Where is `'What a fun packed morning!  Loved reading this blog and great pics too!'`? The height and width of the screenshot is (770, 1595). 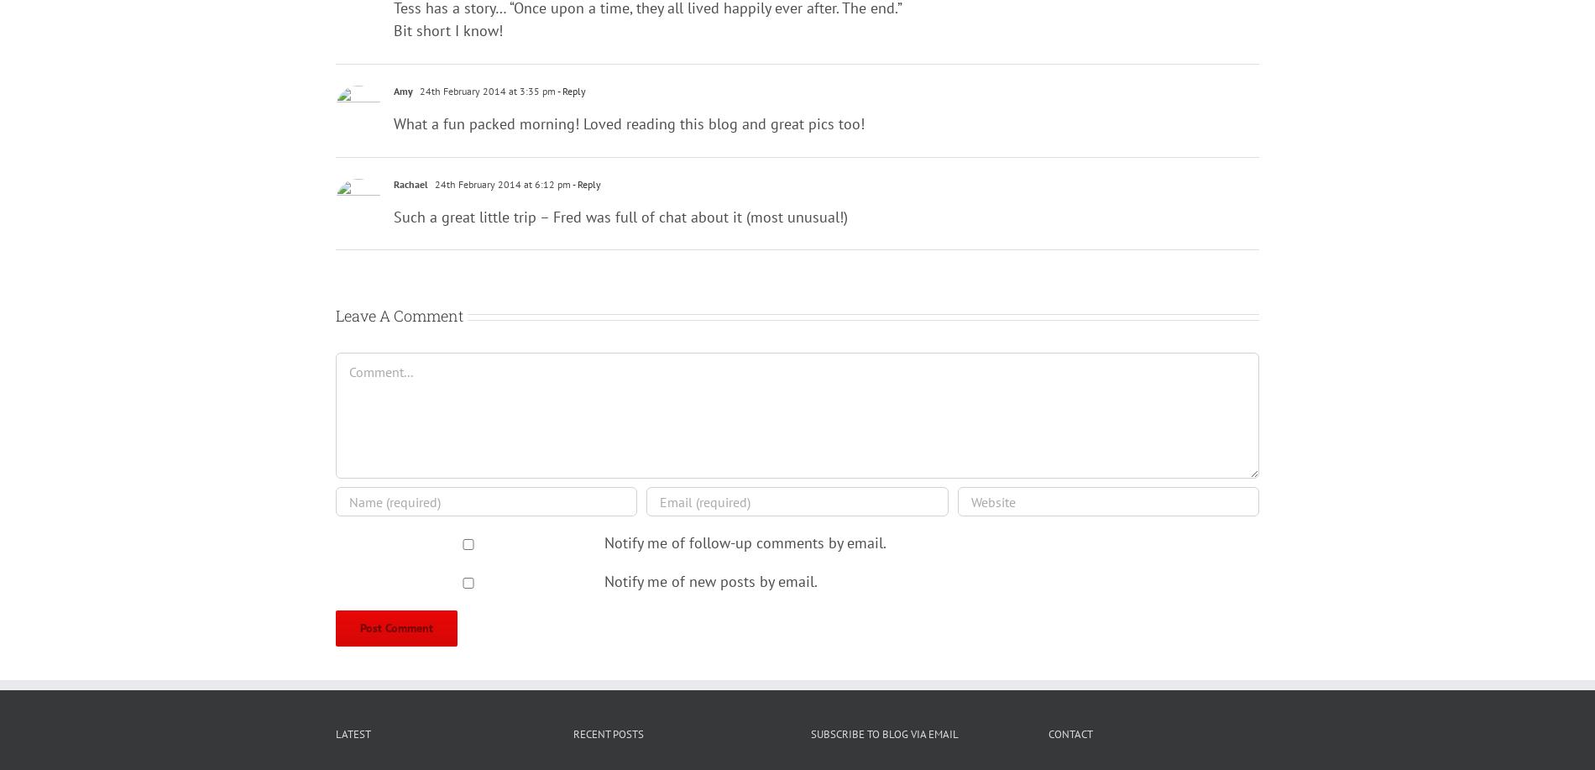
'What a fun packed morning!  Loved reading this blog and great pics too!' is located at coordinates (628, 123).